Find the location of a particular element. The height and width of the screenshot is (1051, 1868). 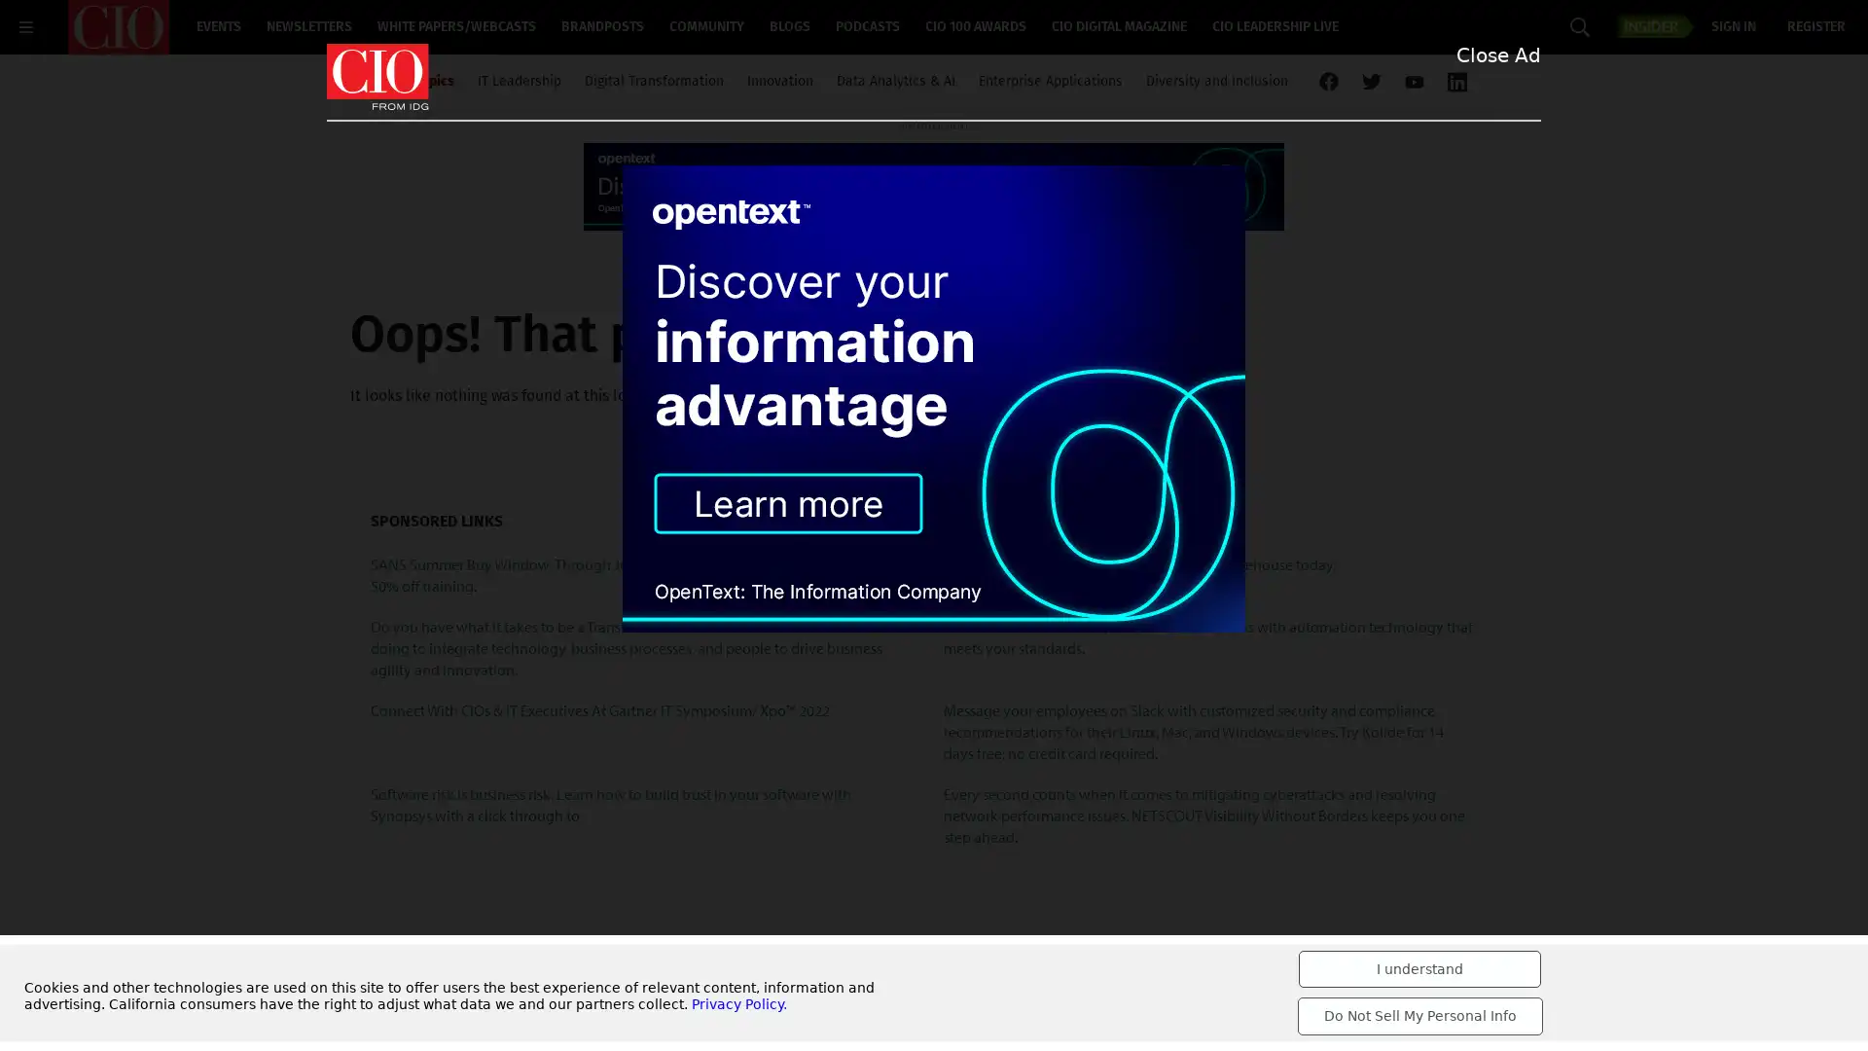

Open mobile menu is located at coordinates (26, 26).